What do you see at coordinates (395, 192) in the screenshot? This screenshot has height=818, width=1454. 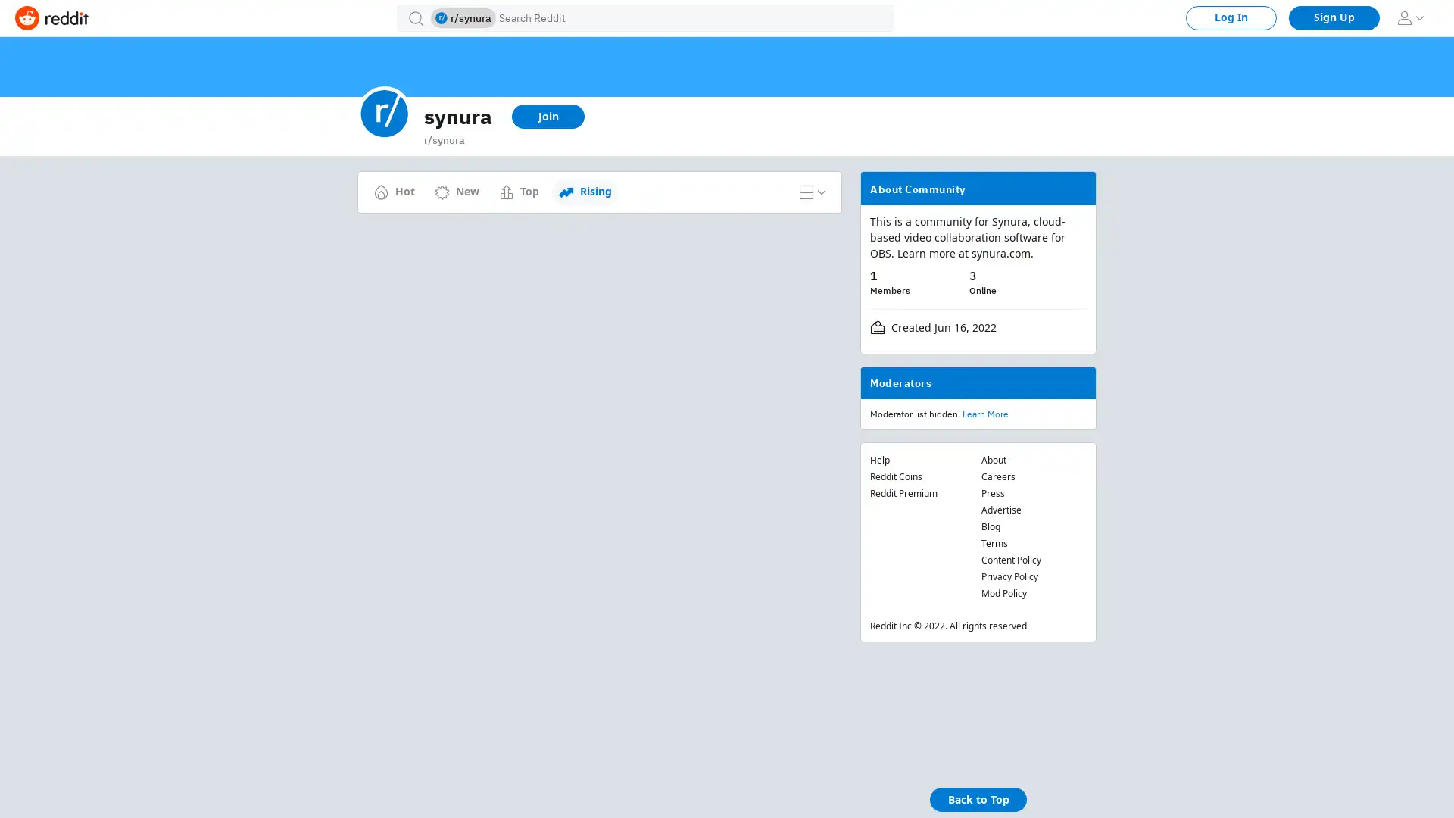 I see `Hot` at bounding box center [395, 192].